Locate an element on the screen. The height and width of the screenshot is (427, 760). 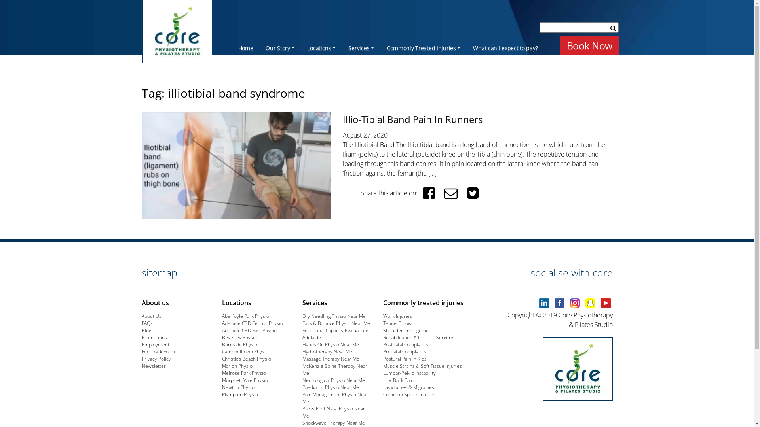
'Adelaide CBD East Physio' is located at coordinates (249, 330).